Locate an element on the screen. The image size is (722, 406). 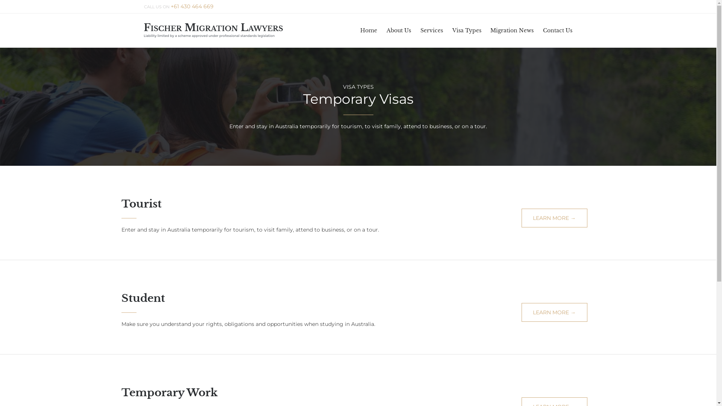
'Visa Types' is located at coordinates (466, 30).